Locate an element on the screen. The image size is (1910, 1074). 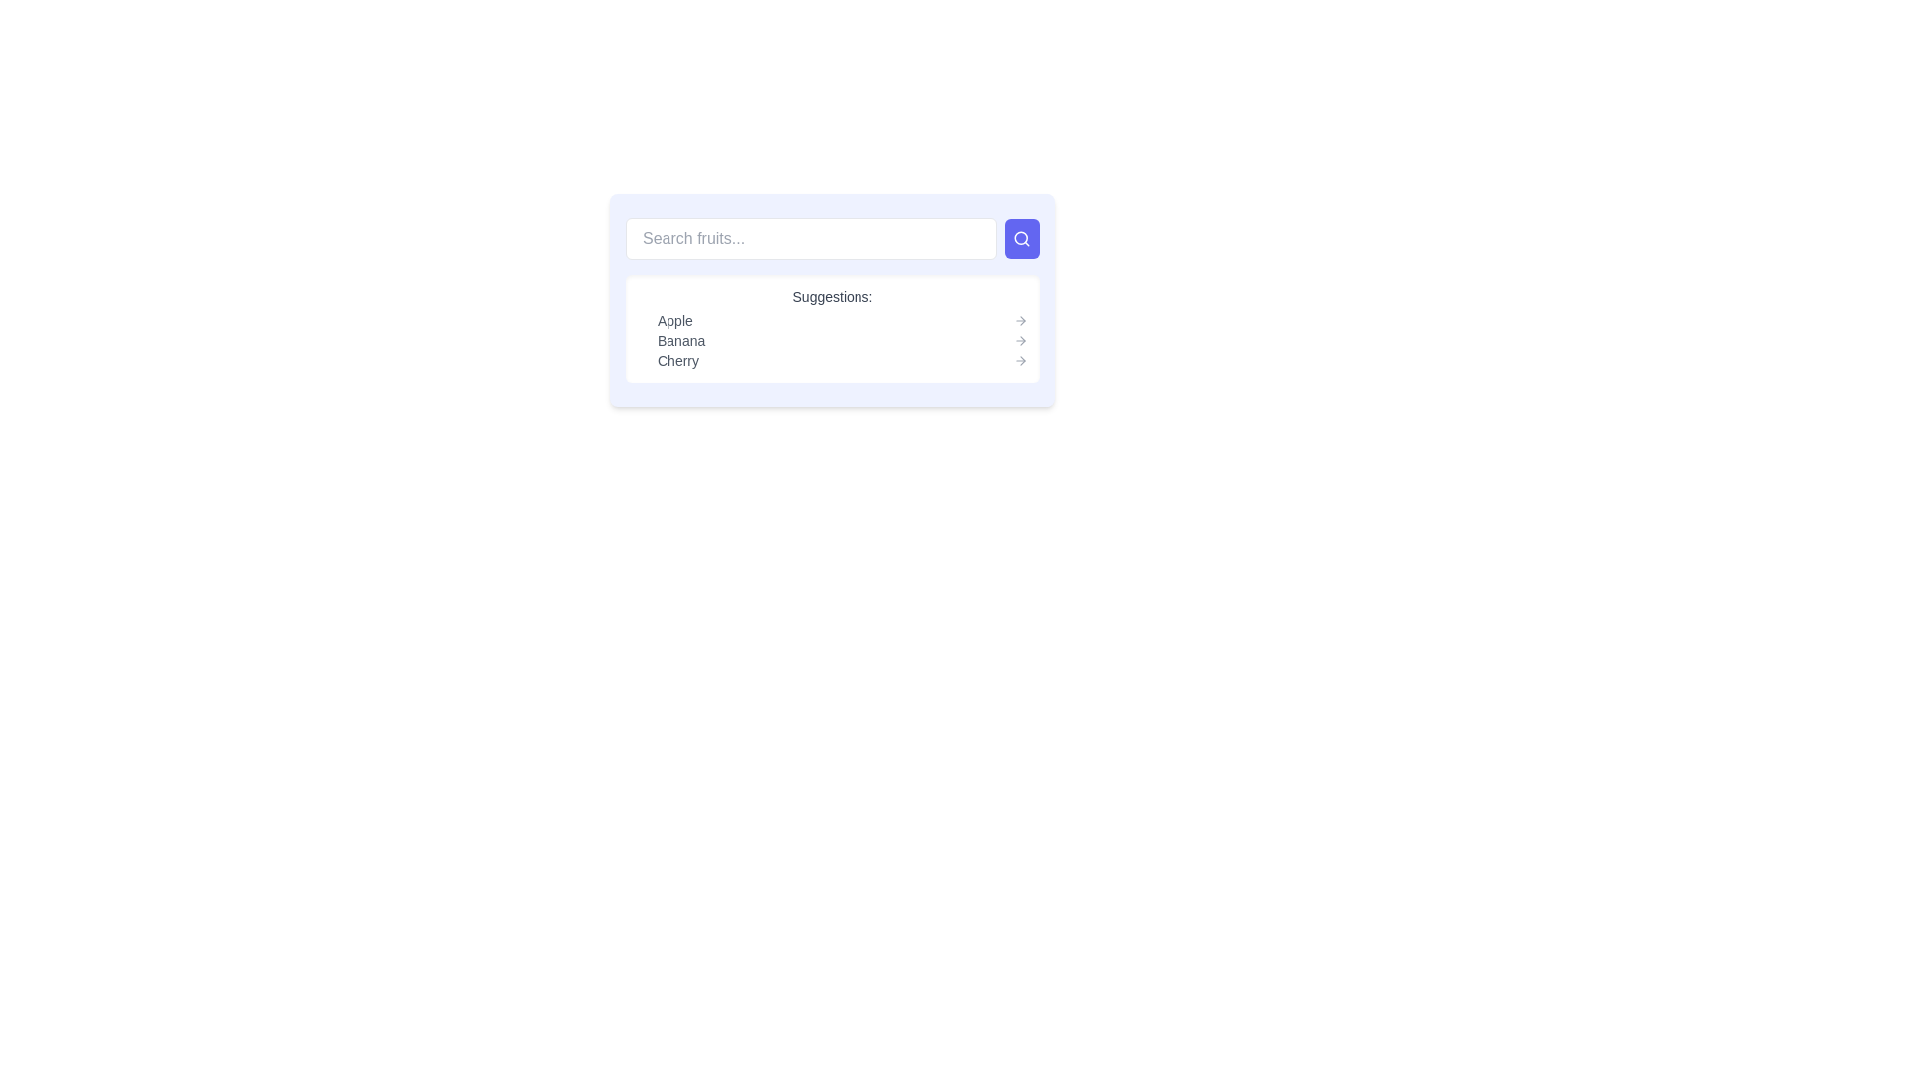
the gray right-facing arrow icon located to the far right of the 'Cherry' text is located at coordinates (1021, 360).